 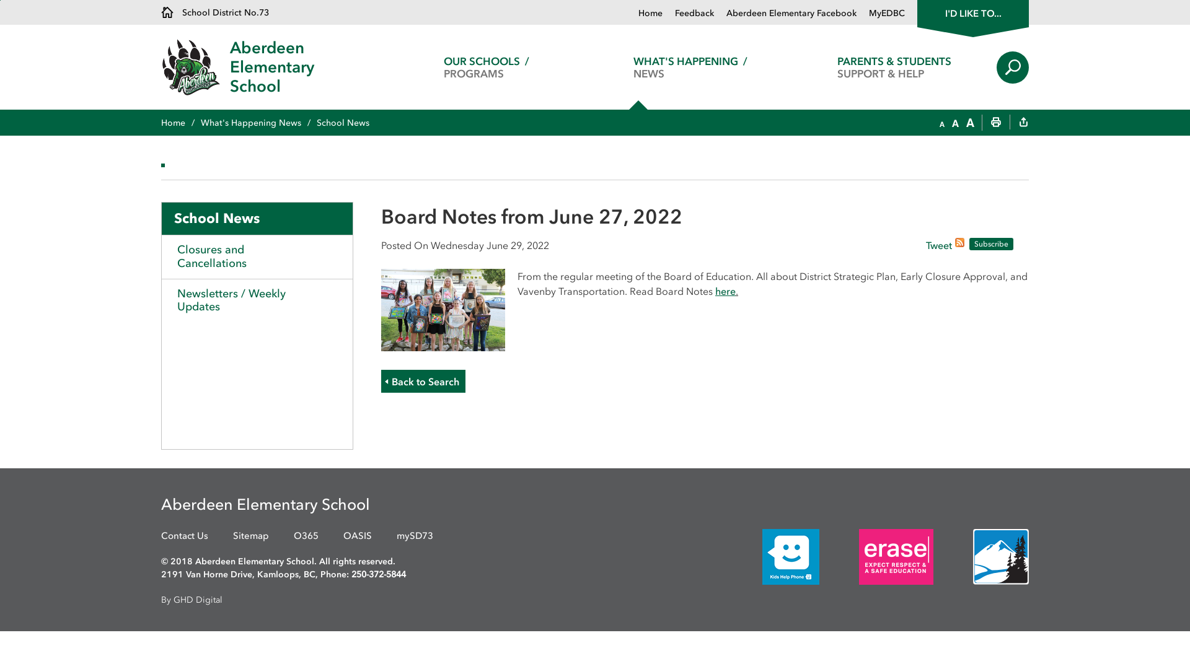 What do you see at coordinates (939, 246) in the screenshot?
I see `'Tweet'` at bounding box center [939, 246].